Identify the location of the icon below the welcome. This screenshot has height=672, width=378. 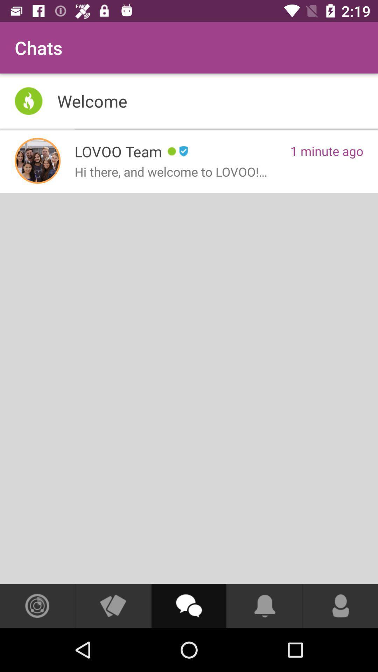
(37, 160).